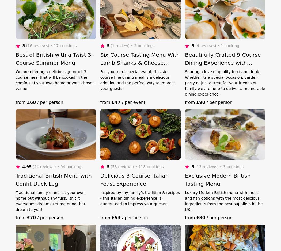 This screenshot has height=251, width=281. What do you see at coordinates (137, 80) in the screenshot?
I see `'For your next special event, this six-course fine dining meal is a delicious addition and the perfect way to impress your guests!'` at bounding box center [137, 80].